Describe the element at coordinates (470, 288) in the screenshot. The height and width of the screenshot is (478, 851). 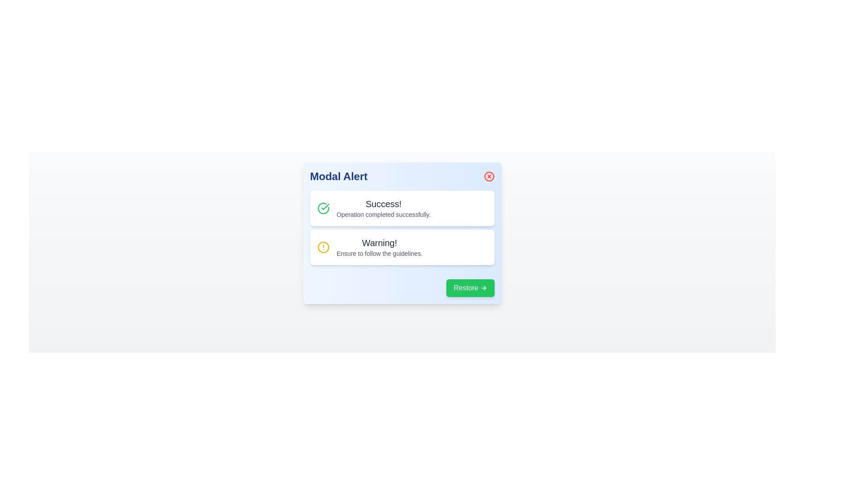
I see `the green 'Restore' button located at the bottom-right of the modal dialog` at that location.